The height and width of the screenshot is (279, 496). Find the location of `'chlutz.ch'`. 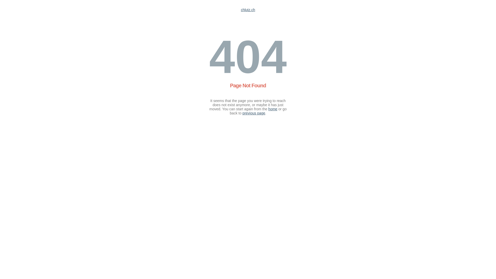

'chlutz.ch' is located at coordinates (247, 10).